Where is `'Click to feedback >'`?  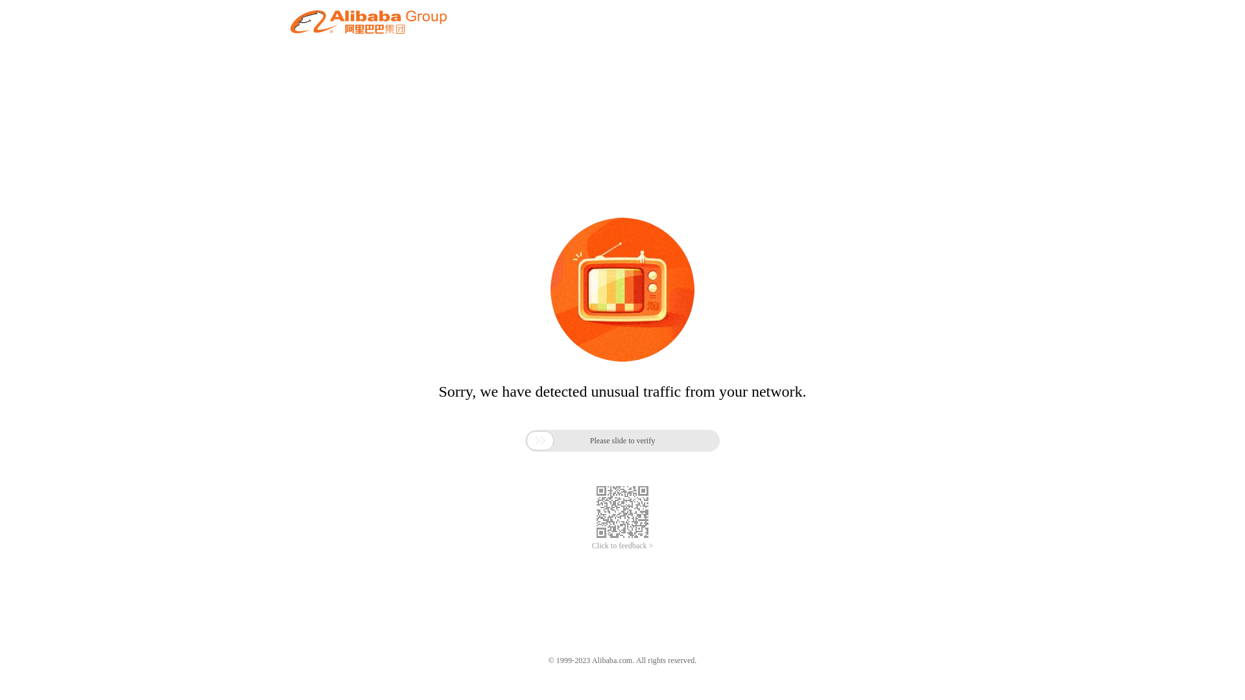
'Click to feedback >' is located at coordinates (622, 546).